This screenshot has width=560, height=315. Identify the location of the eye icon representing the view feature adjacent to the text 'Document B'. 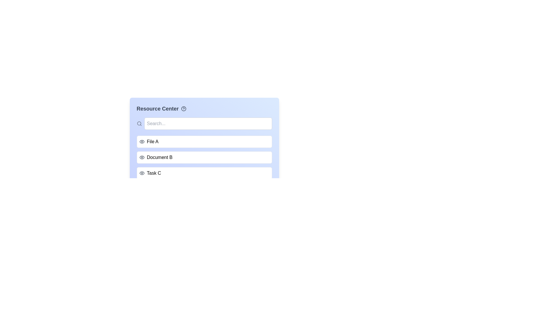
(142, 157).